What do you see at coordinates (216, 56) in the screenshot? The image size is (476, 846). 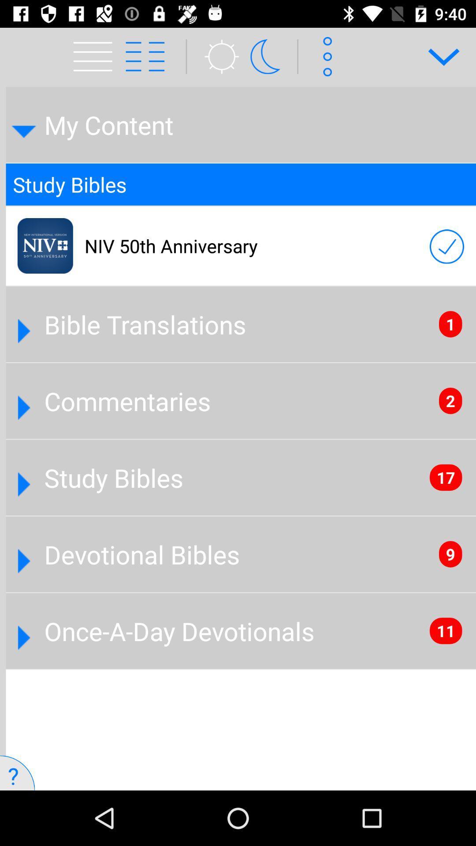 I see `the weather icon` at bounding box center [216, 56].